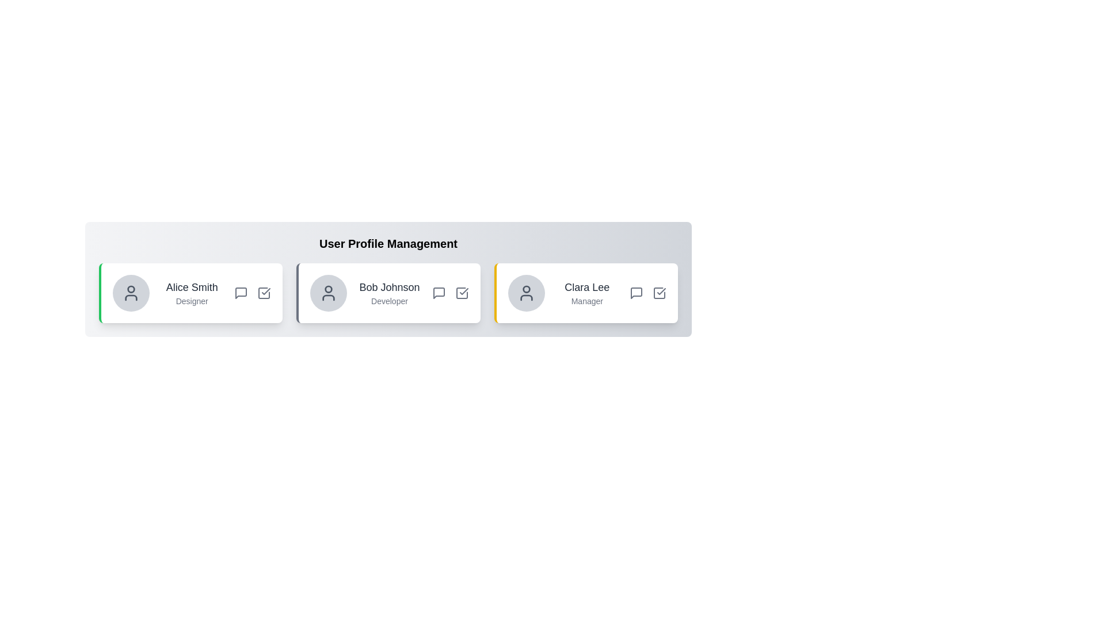 This screenshot has width=1105, height=621. I want to click on the text label displaying the name 'Clara Lee', which identifies the user profile and is located above the text 'Manager' in the user profile card, so click(587, 287).